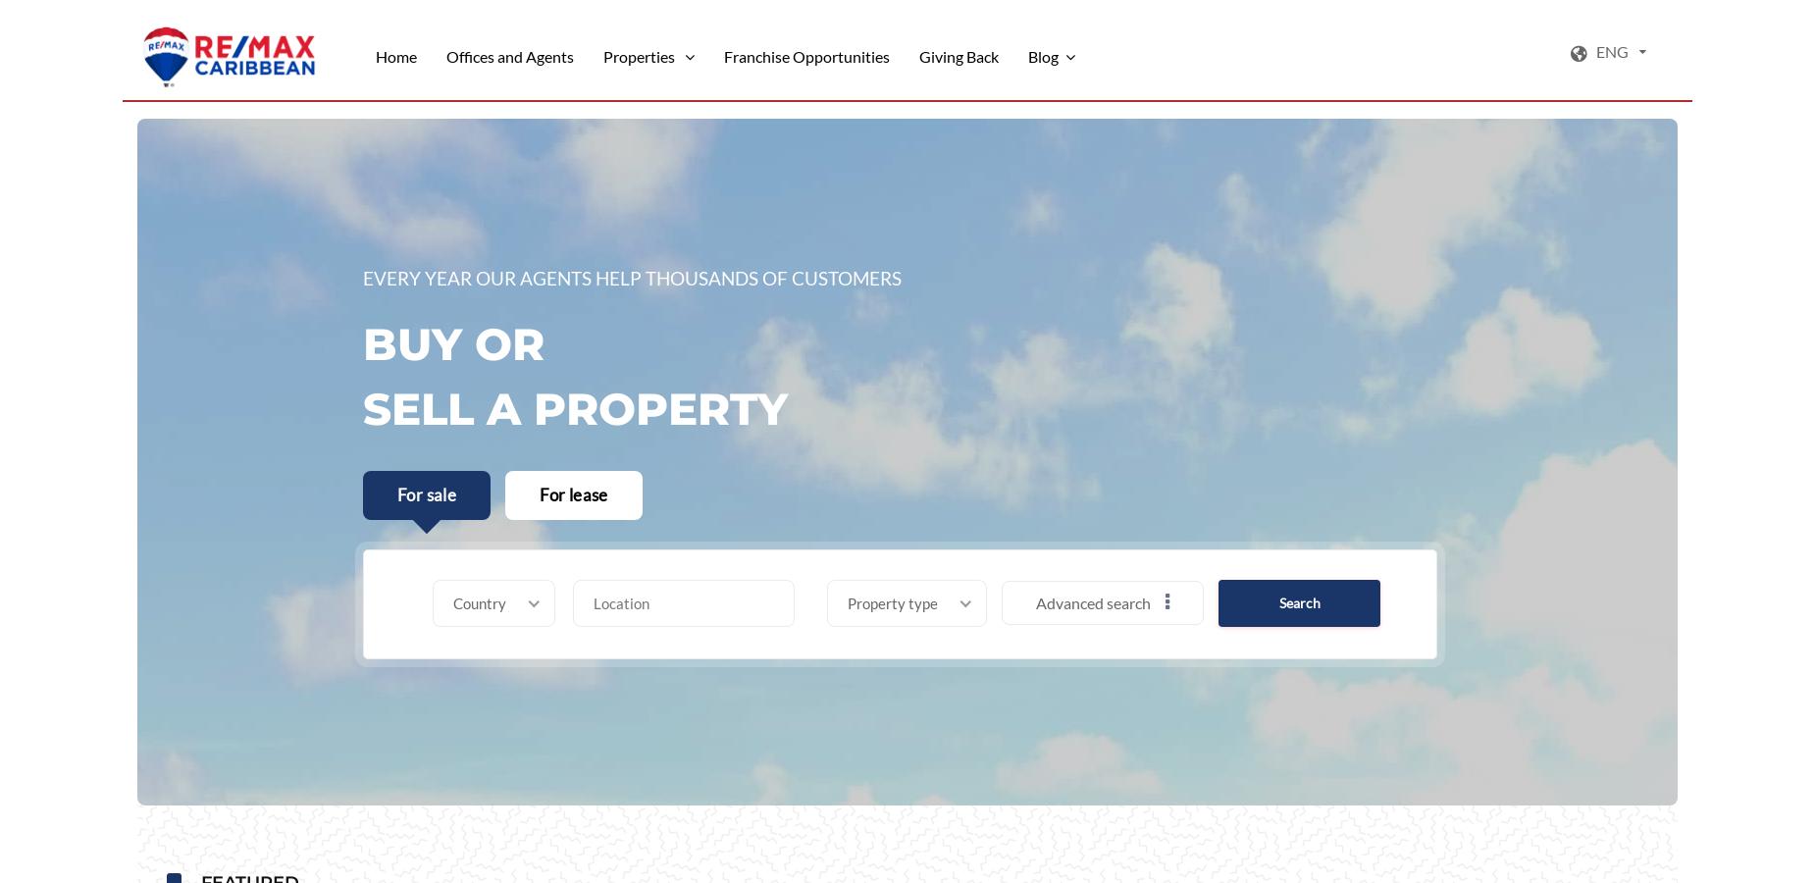  I want to click on 'Mountain/Hill/Farmland', so click(410, 812).